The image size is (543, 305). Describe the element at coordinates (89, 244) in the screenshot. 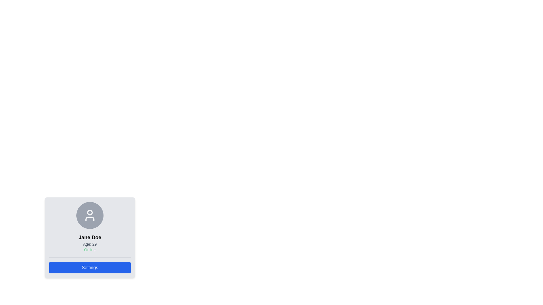

I see `the Text label that displays the user's age, which is located between the title 'Jane Doe' and the label 'Online'` at that location.